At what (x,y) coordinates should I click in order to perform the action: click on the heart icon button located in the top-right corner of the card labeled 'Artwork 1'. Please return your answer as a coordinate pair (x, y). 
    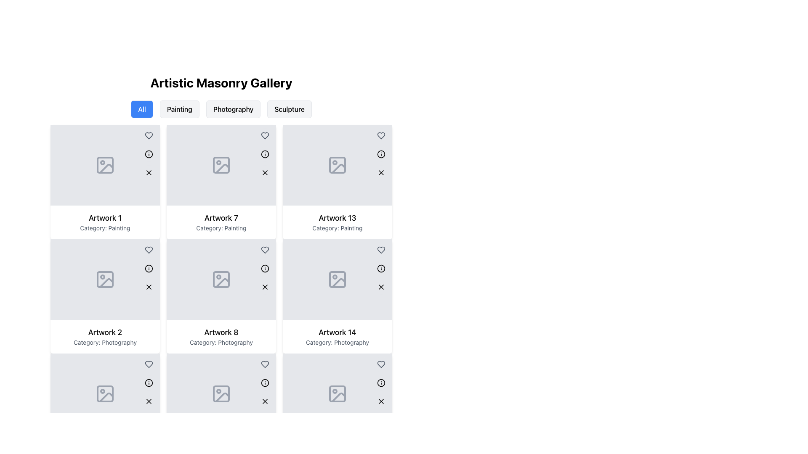
    Looking at the image, I should click on (149, 249).